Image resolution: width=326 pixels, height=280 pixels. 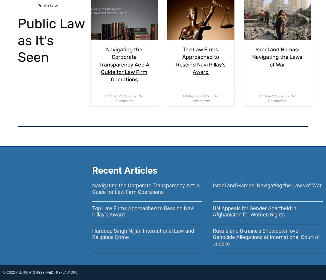 I want to click on 'Public Law', so click(x=47, y=6).